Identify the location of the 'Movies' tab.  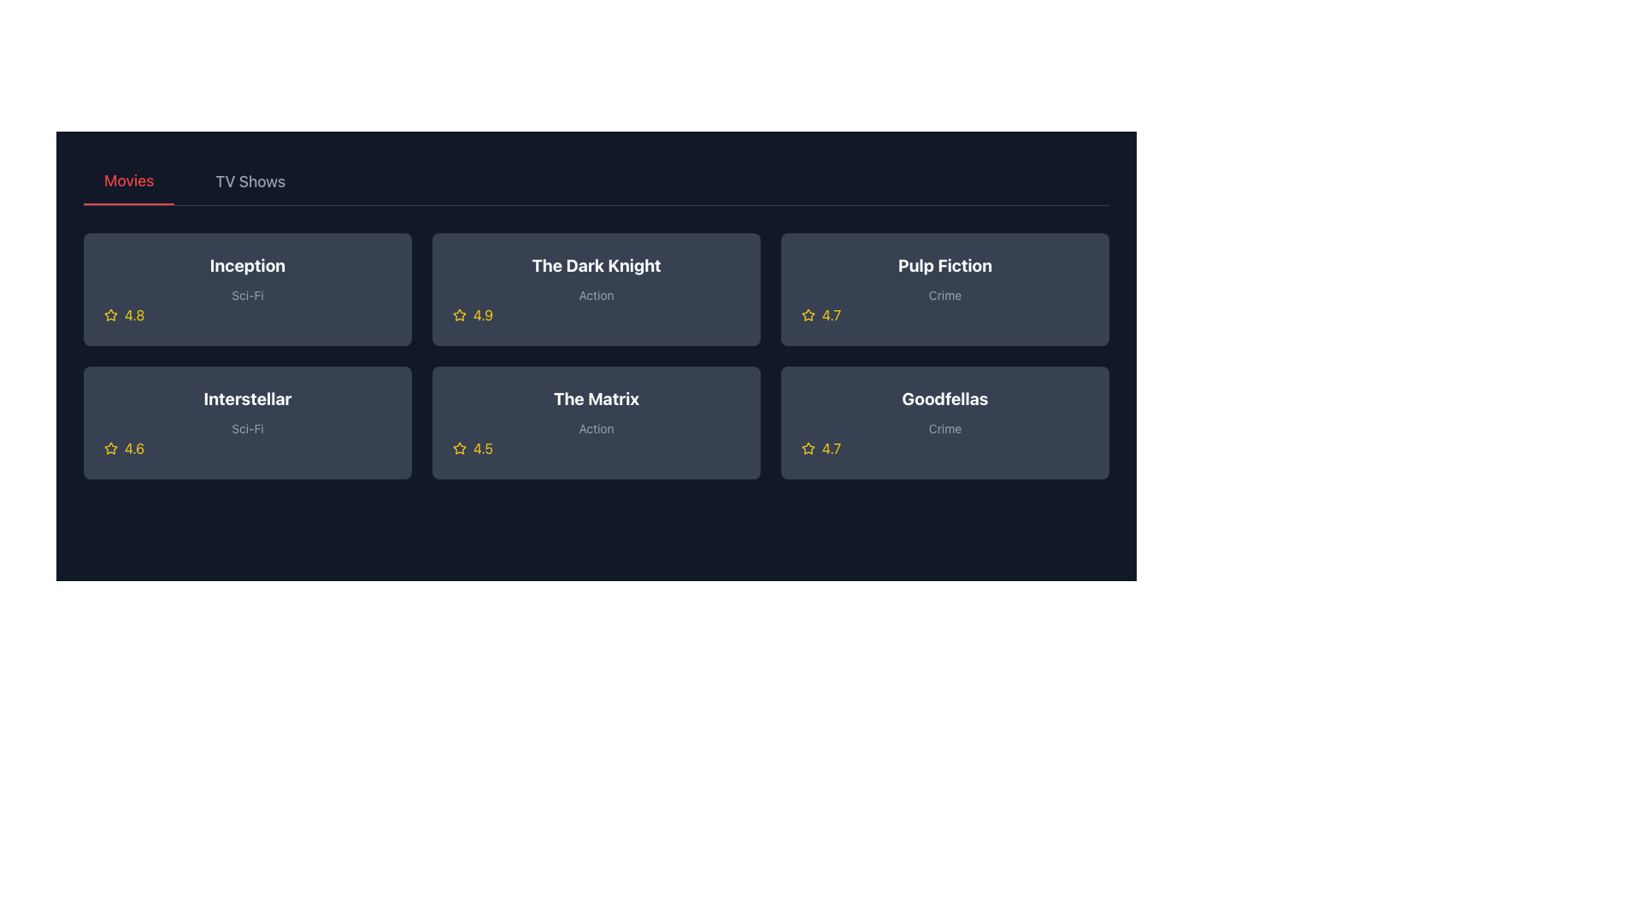
(127, 181).